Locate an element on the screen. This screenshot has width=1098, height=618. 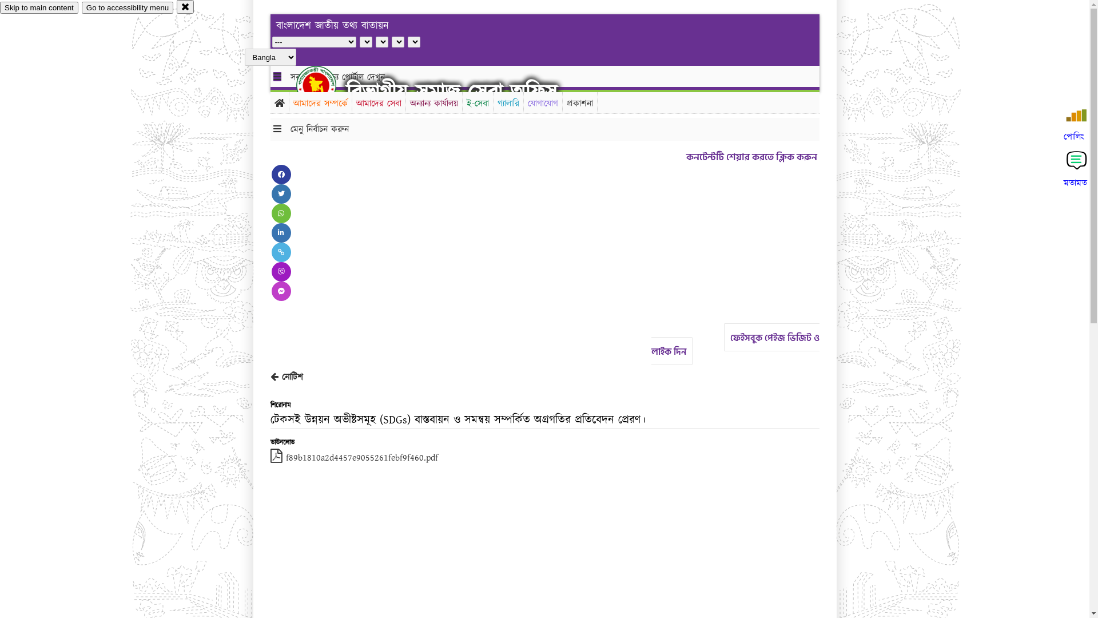
'Go to accessibility menu' is located at coordinates (127, 7).